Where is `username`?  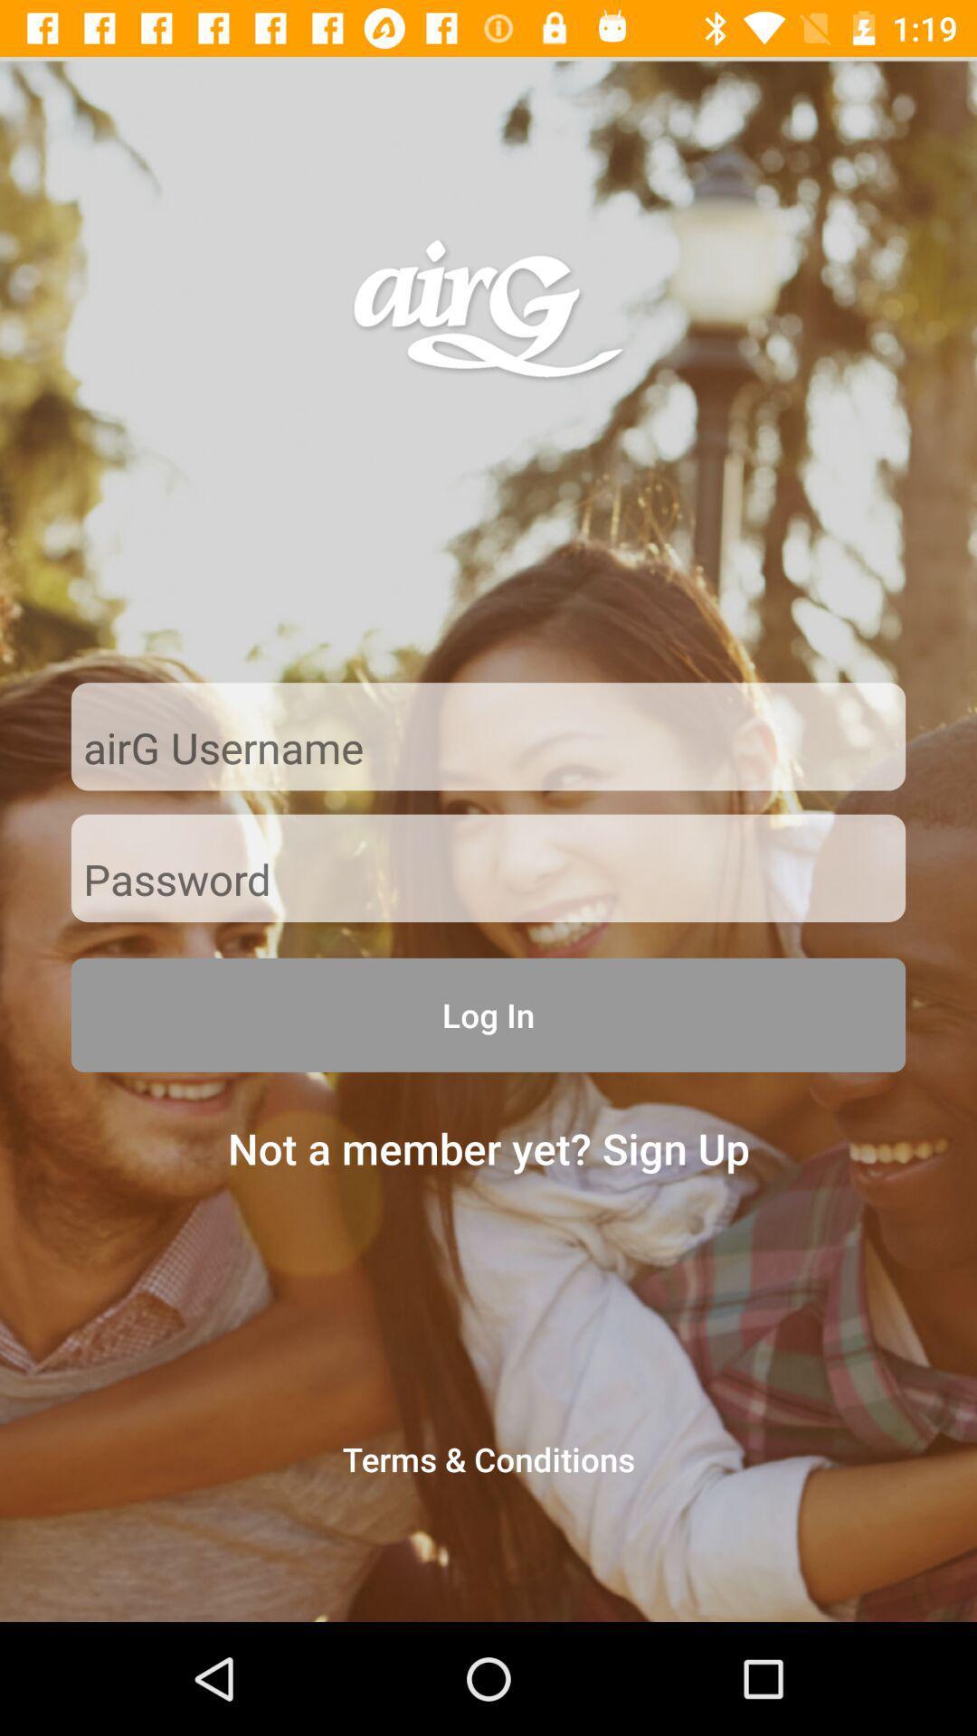 username is located at coordinates (488, 750).